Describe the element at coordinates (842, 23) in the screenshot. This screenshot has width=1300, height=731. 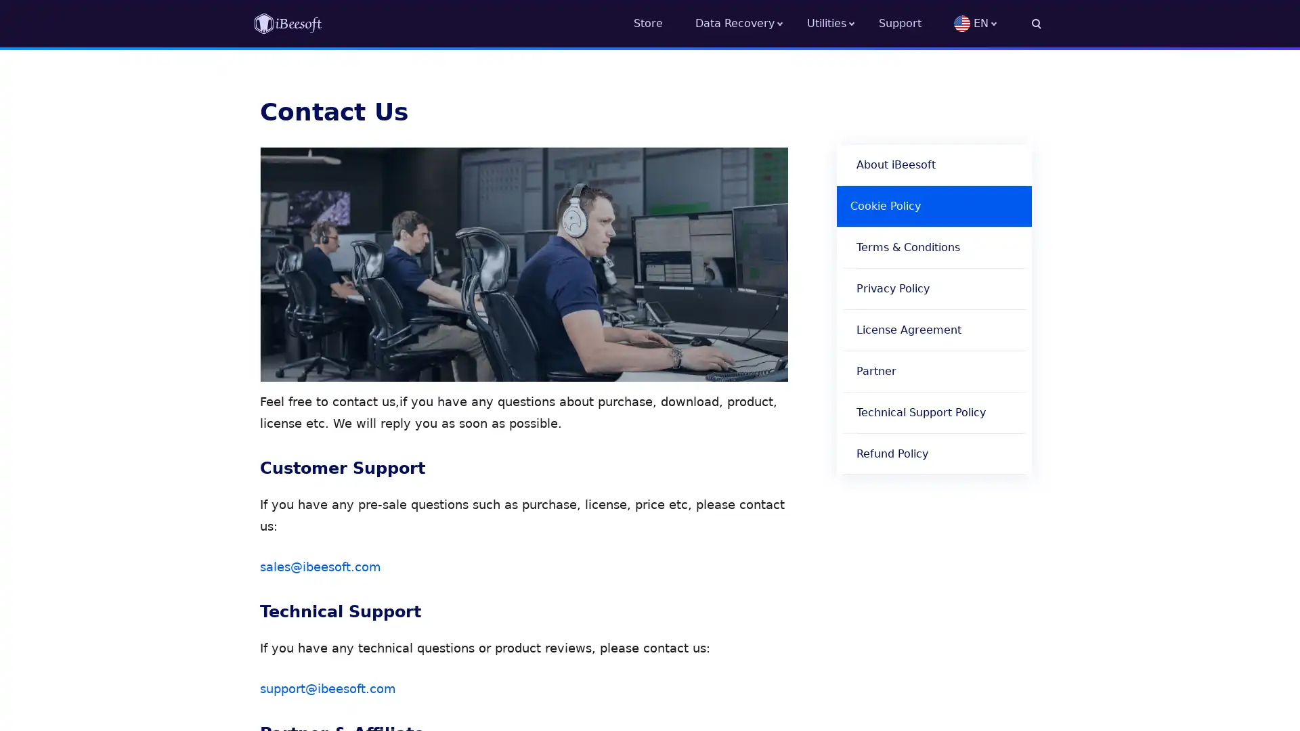
I see `products` at that location.